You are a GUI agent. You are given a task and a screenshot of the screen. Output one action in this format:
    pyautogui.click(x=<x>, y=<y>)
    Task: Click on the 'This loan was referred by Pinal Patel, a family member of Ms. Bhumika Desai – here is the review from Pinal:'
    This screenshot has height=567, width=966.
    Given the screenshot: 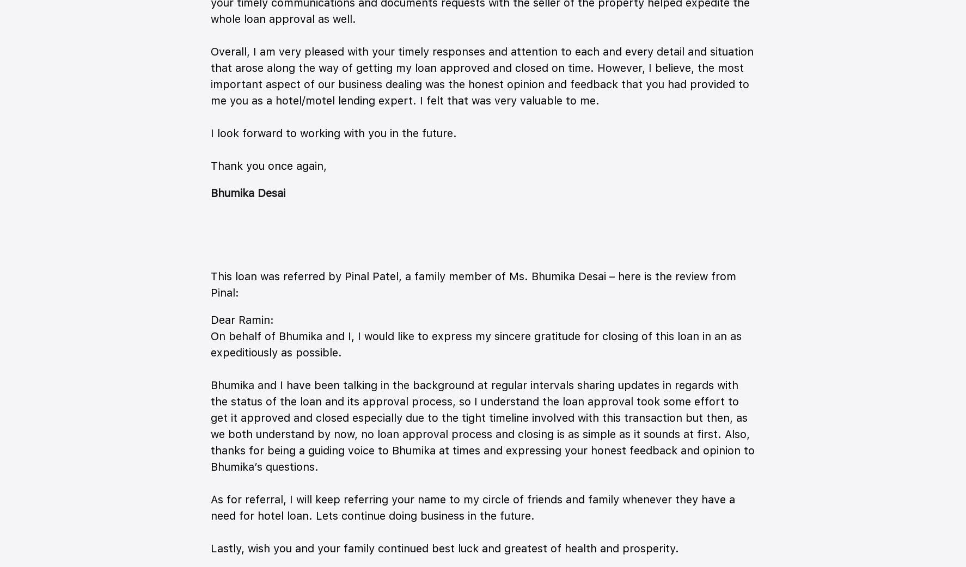 What is the action you would take?
    pyautogui.click(x=473, y=283)
    